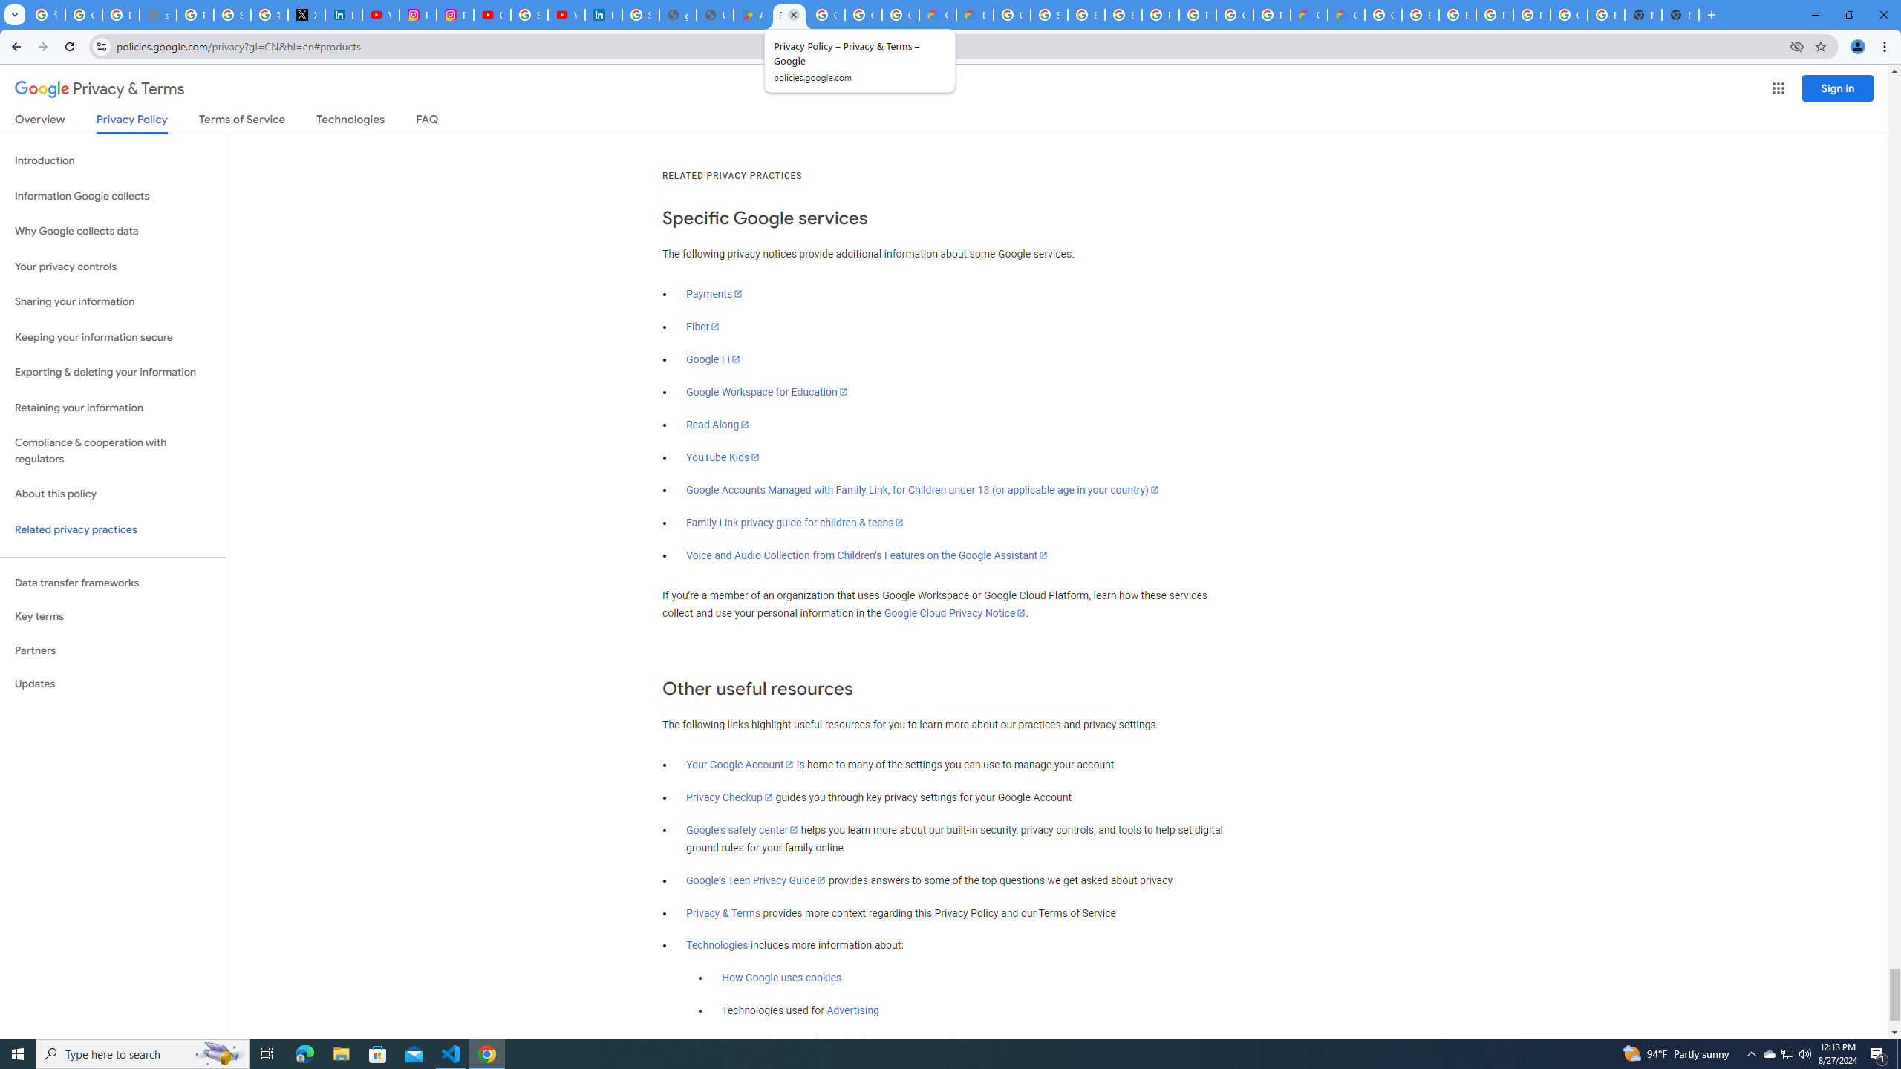 This screenshot has height=1069, width=1901. I want to click on 'support.google.com - Network error', so click(157, 14).